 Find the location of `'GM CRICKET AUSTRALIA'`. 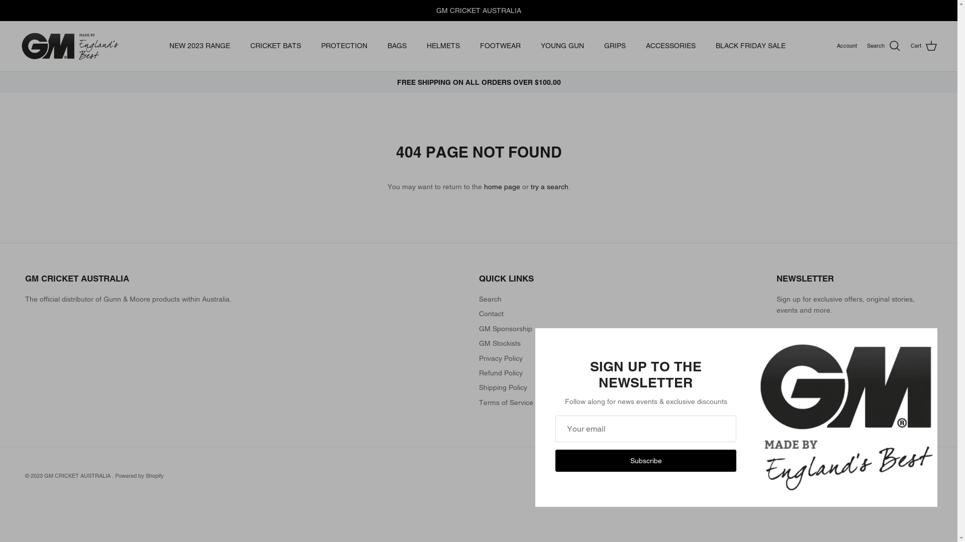

'GM CRICKET AUSTRALIA' is located at coordinates (77, 475).